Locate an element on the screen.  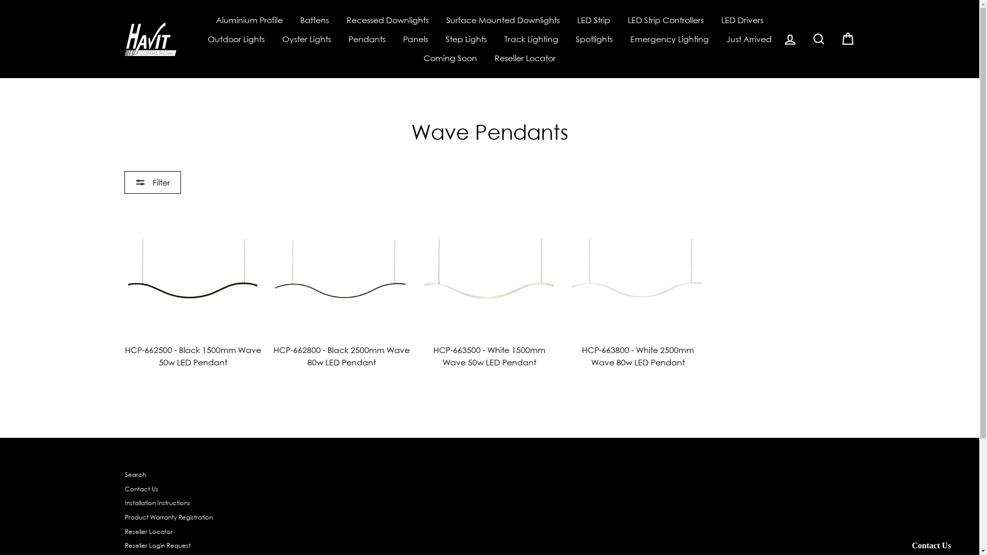
'LED Strip Controllers' is located at coordinates (666, 20).